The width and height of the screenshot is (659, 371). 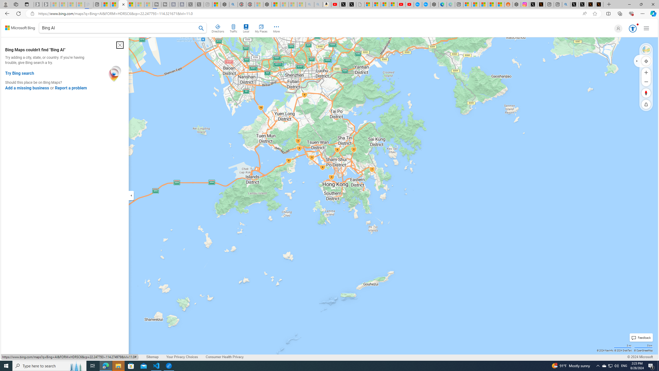 What do you see at coordinates (617, 28) in the screenshot?
I see `'Eugene'` at bounding box center [617, 28].